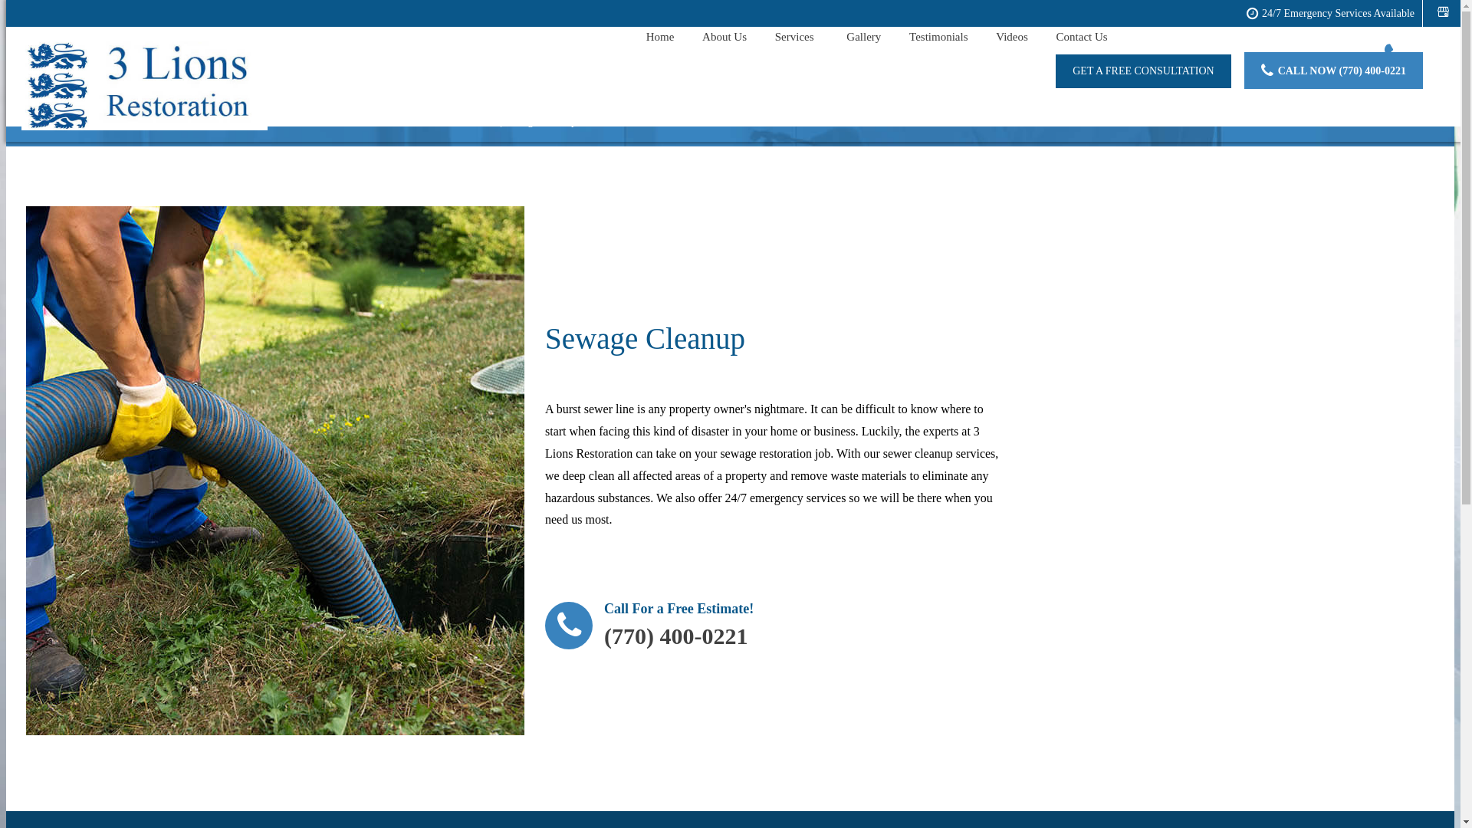 The image size is (1472, 828). I want to click on 'Google My Business', so click(1441, 11).